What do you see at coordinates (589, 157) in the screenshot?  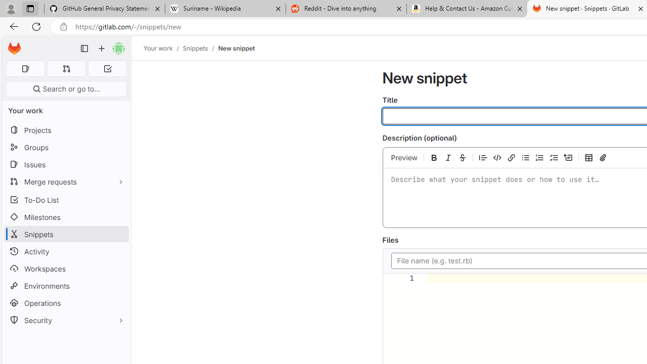 I see `'Add a table'` at bounding box center [589, 157].